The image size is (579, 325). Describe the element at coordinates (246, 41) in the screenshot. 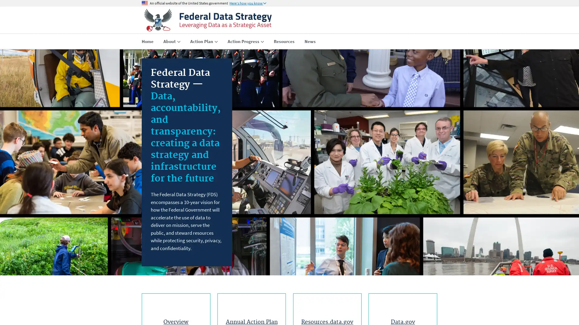

I see `Action Progress` at that location.